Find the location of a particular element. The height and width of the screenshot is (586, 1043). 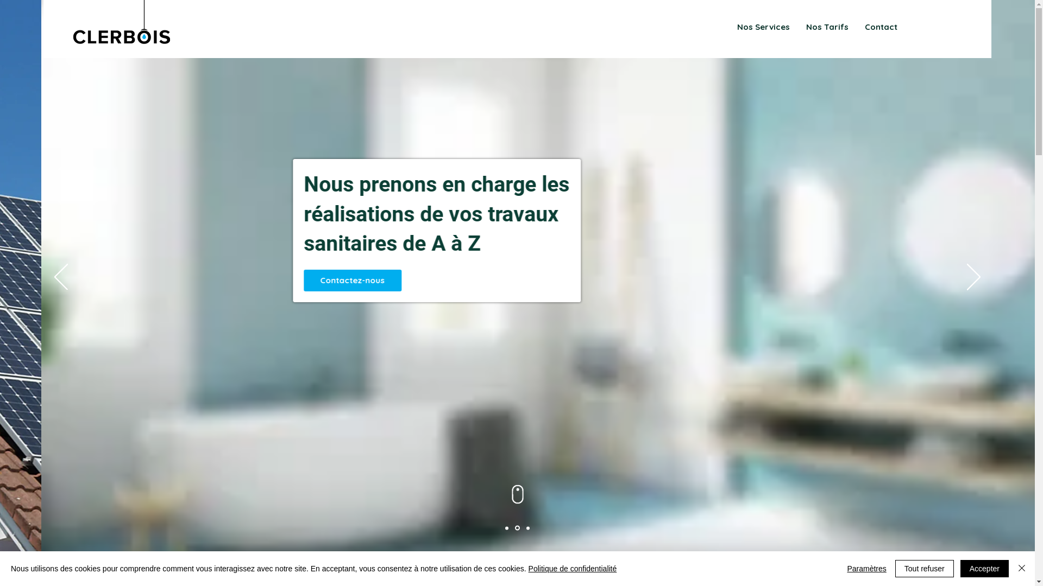

'Nos Services' is located at coordinates (763, 27).